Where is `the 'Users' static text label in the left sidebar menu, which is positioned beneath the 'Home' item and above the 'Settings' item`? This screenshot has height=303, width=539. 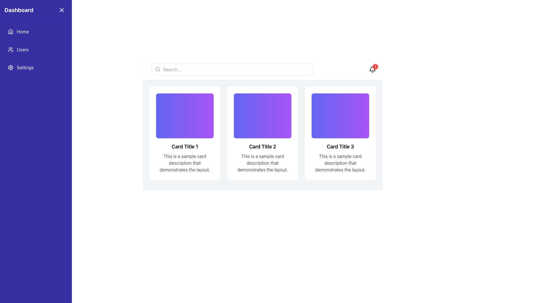 the 'Users' static text label in the left sidebar menu, which is positioned beneath the 'Home' item and above the 'Settings' item is located at coordinates (22, 49).